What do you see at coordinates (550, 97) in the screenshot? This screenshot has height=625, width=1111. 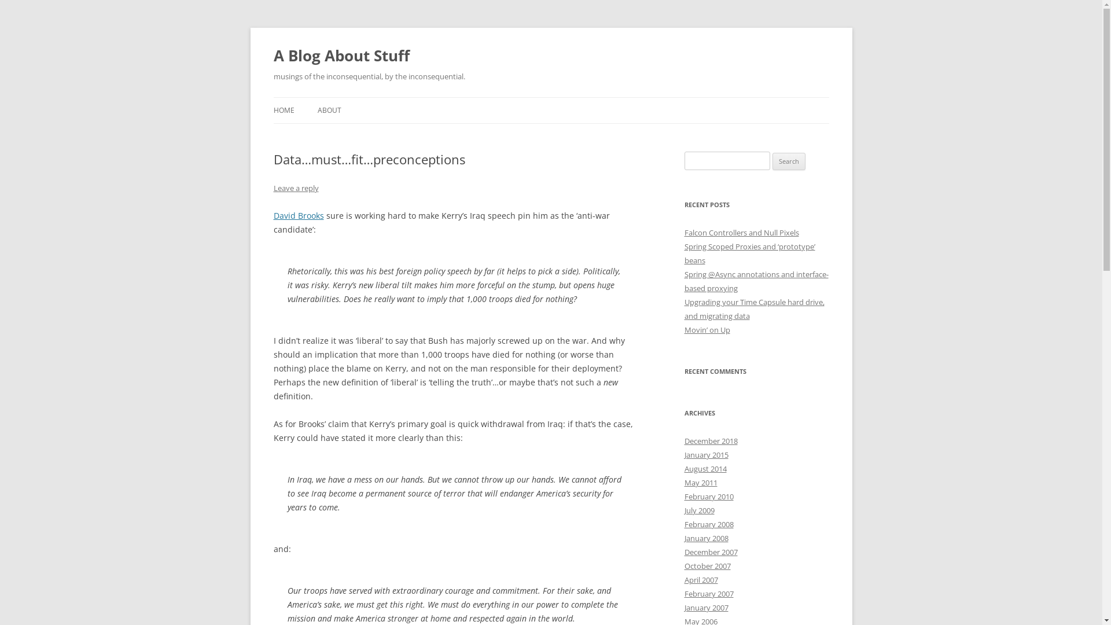 I see `'Skip to content'` at bounding box center [550, 97].